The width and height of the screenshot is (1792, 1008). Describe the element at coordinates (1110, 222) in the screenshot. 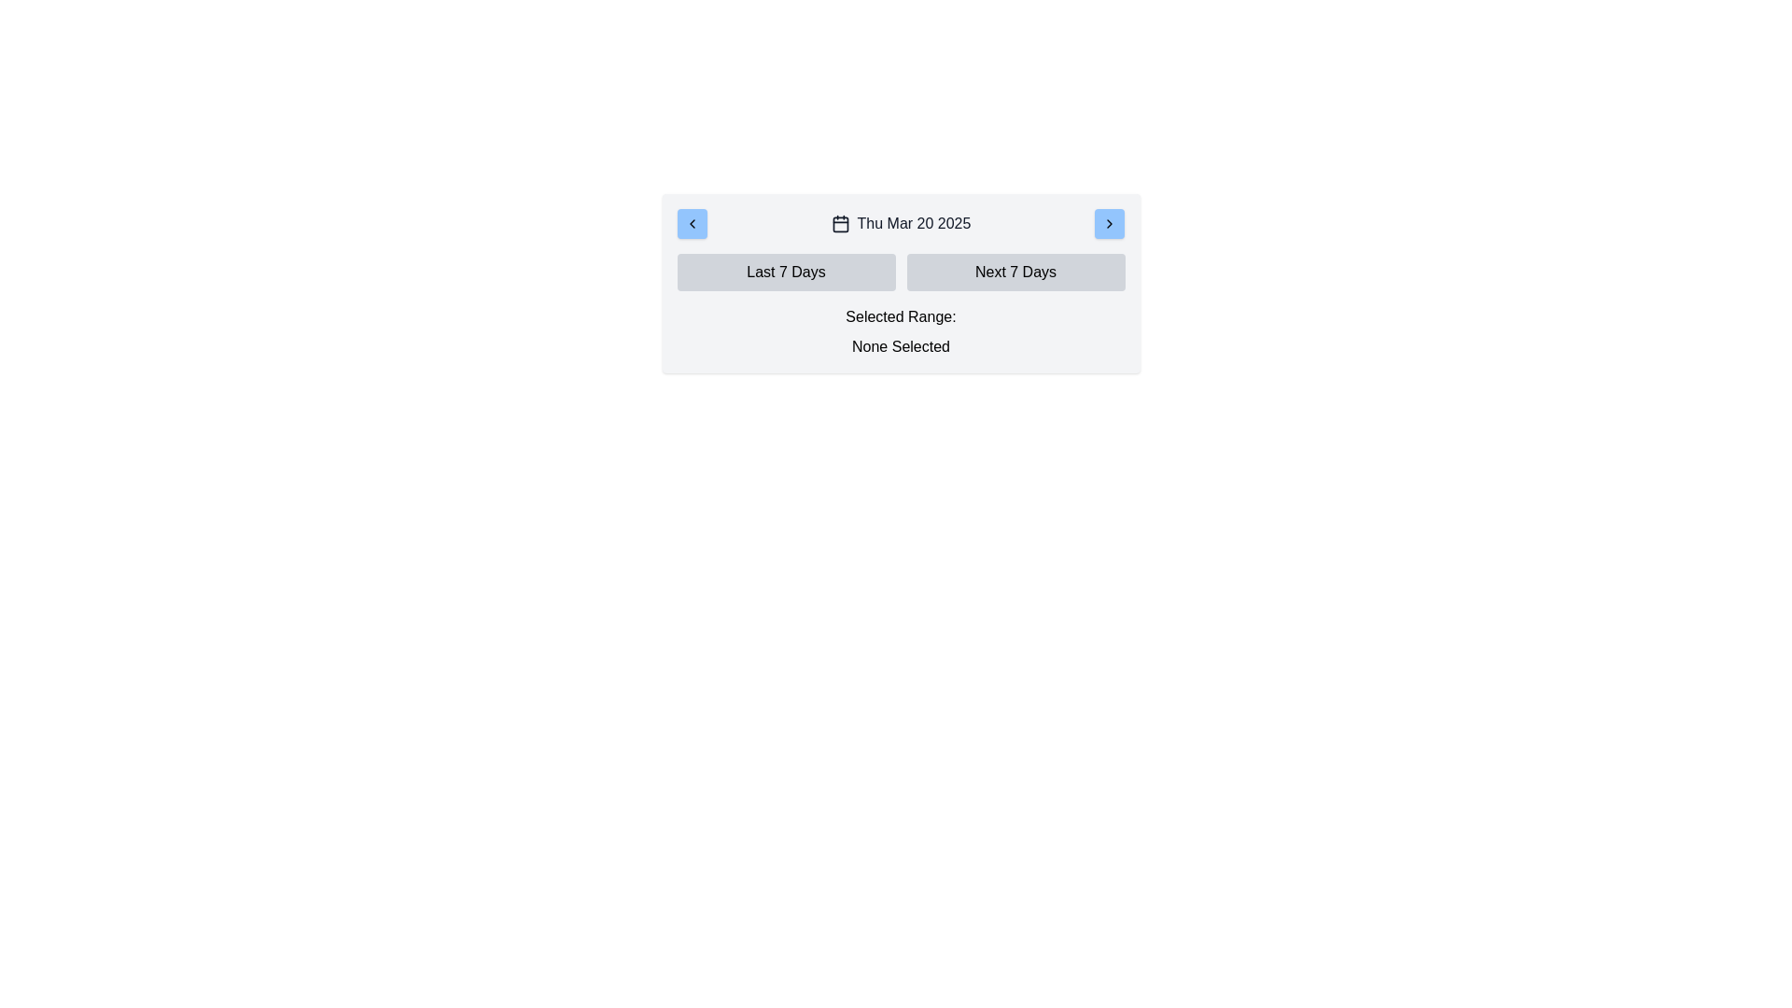

I see `the right-facing chevron icon located in the top-right corner of the interface panel` at that location.